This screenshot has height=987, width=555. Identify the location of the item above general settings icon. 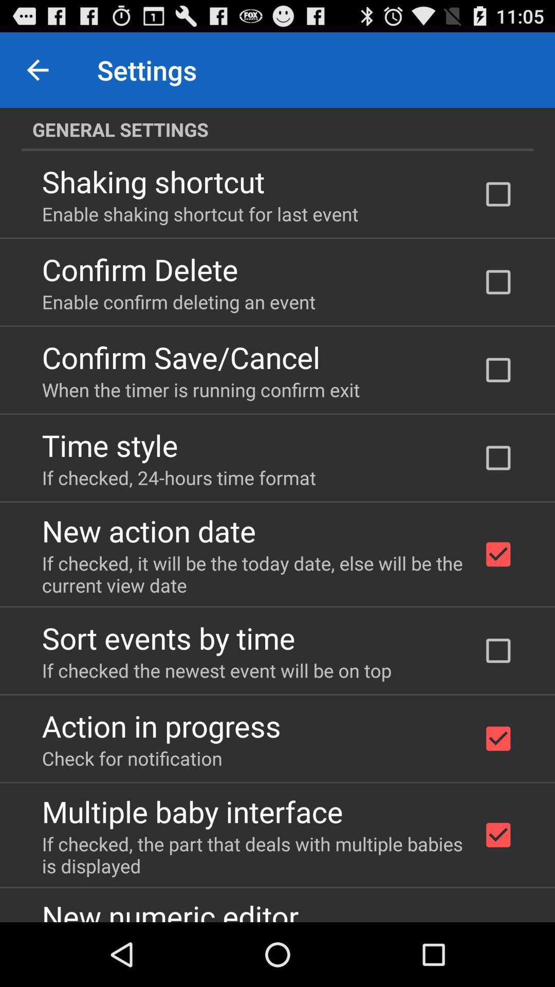
(37, 69).